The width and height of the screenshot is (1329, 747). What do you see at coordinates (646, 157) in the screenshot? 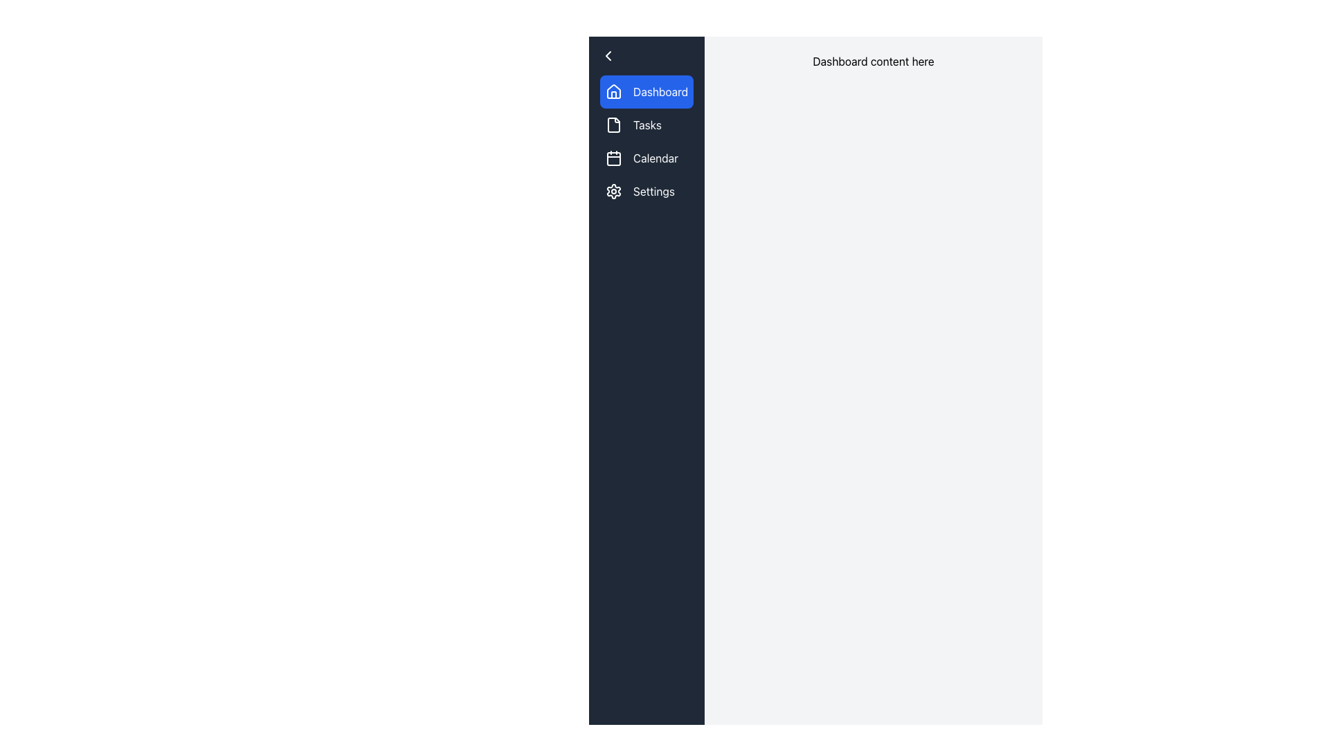
I see `the 'Calendar' menu item button located between 'Tasks' and 'Settings' on the left-hand vertical menu` at bounding box center [646, 157].